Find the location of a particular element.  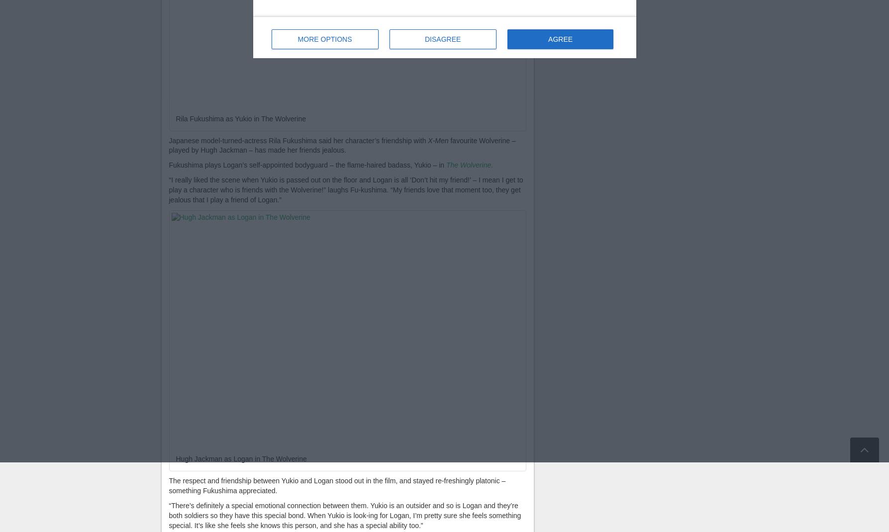

'“I really liked the scene when Yukio is passed out on the floor and Logan is all ‘Don’t hit my friend!’ – I mean I get to play a character who is friends with the Wolverine!” laughs Fu-kushima. “My friends love that moment too, they get jealous that I play a friend of Logan.”' is located at coordinates (345, 189).